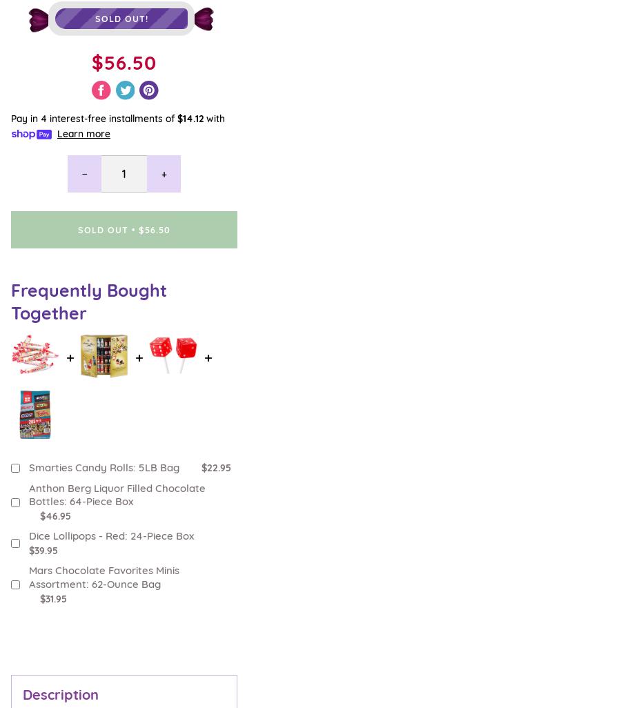  What do you see at coordinates (10, 586) in the screenshot?
I see `'Candy Ambassador'` at bounding box center [10, 586].